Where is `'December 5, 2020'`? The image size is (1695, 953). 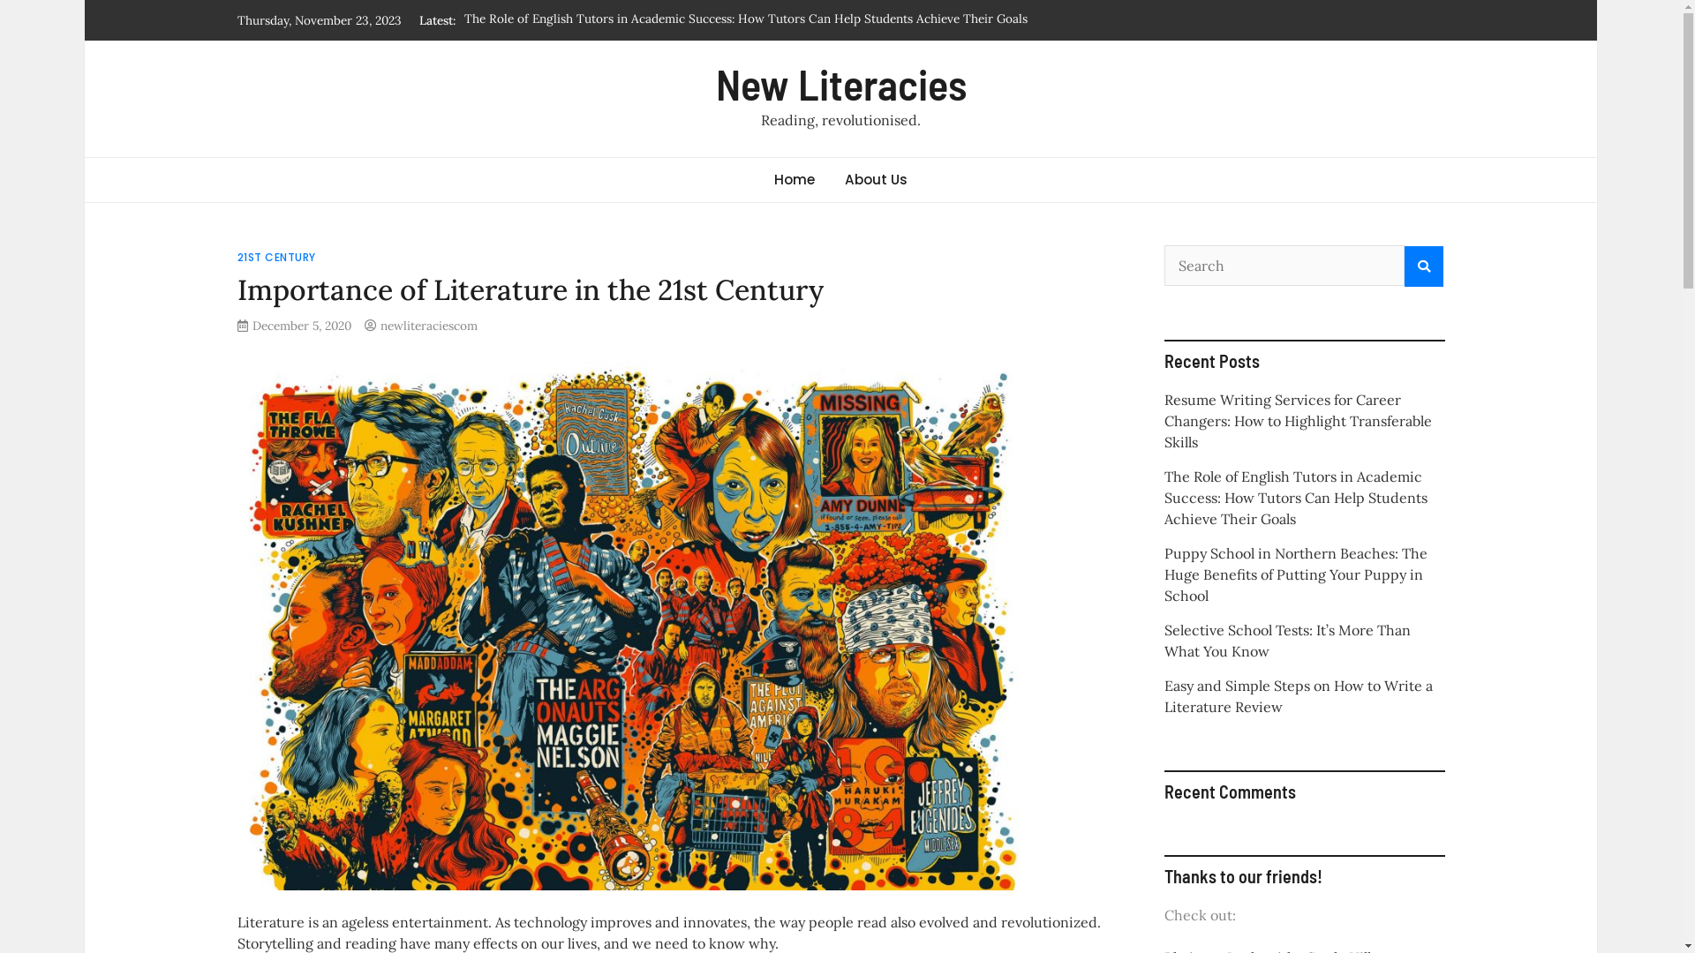
'December 5, 2020' is located at coordinates (301, 326).